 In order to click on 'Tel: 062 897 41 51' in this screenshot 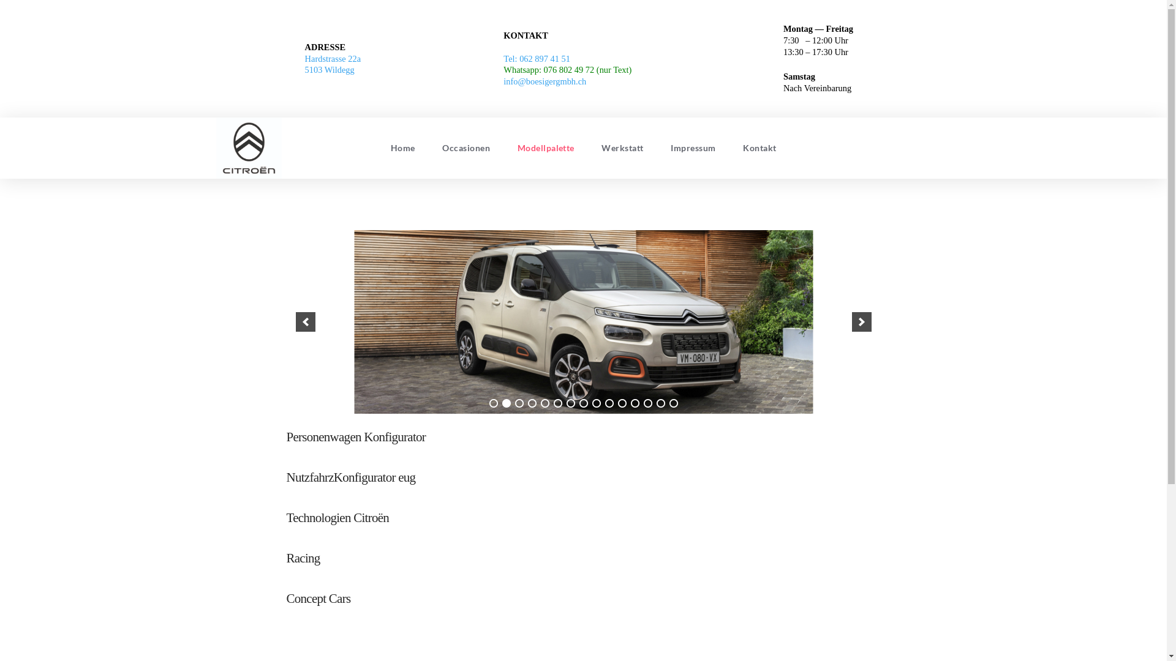, I will do `click(537, 59)`.